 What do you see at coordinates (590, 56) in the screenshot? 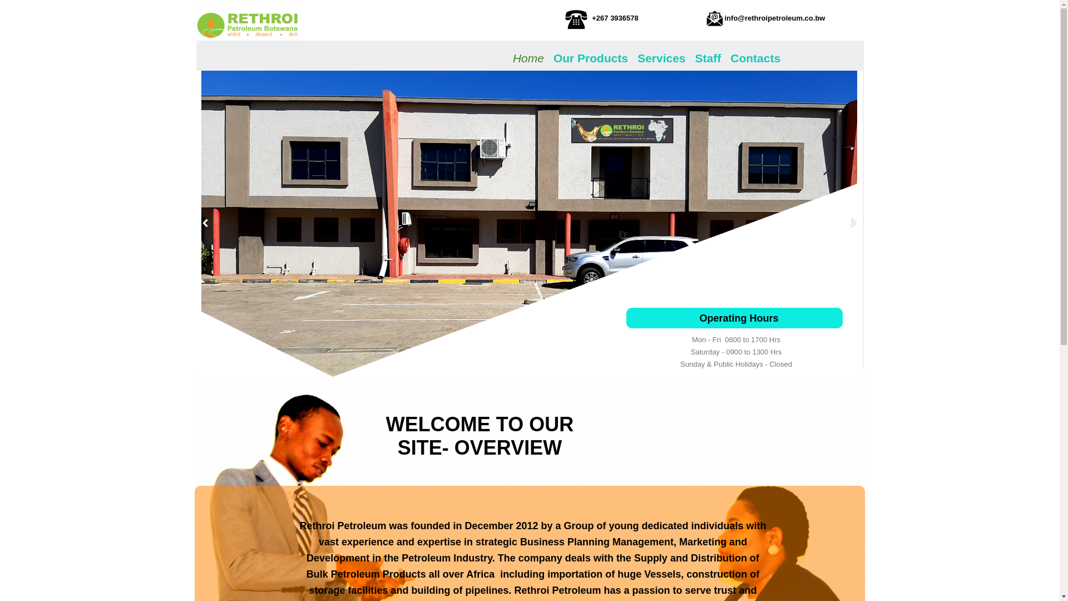
I see `'Our Products'` at bounding box center [590, 56].